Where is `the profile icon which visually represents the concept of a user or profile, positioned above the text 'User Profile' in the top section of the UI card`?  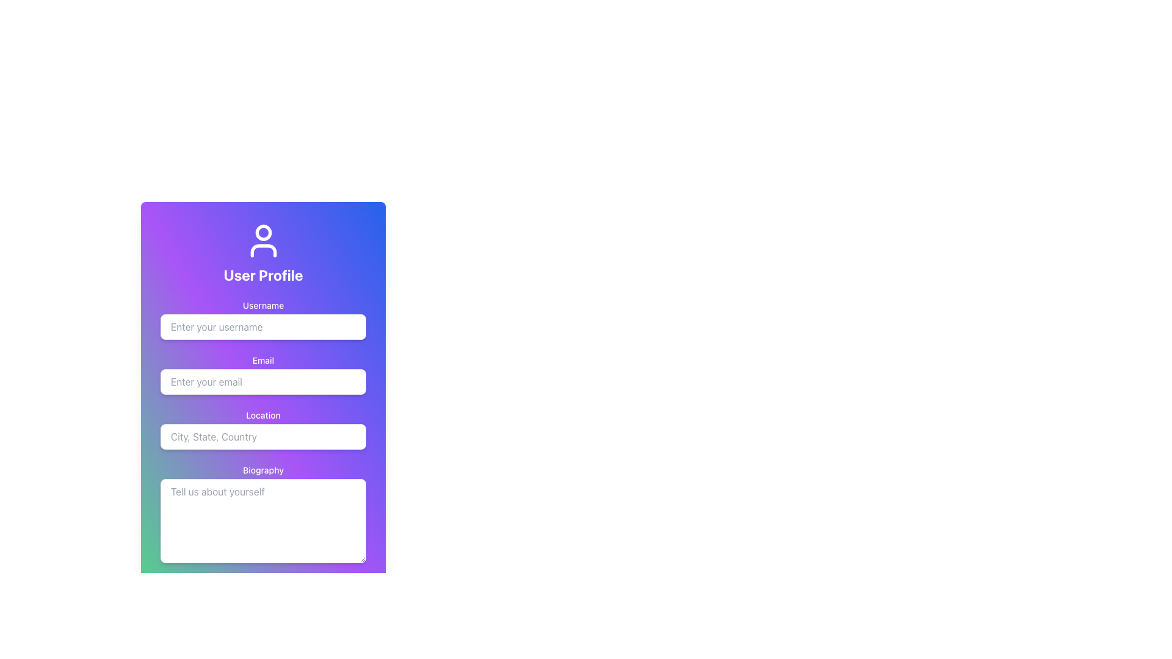
the profile icon which visually represents the concept of a user or profile, positioned above the text 'User Profile' in the top section of the UI card is located at coordinates (262, 240).